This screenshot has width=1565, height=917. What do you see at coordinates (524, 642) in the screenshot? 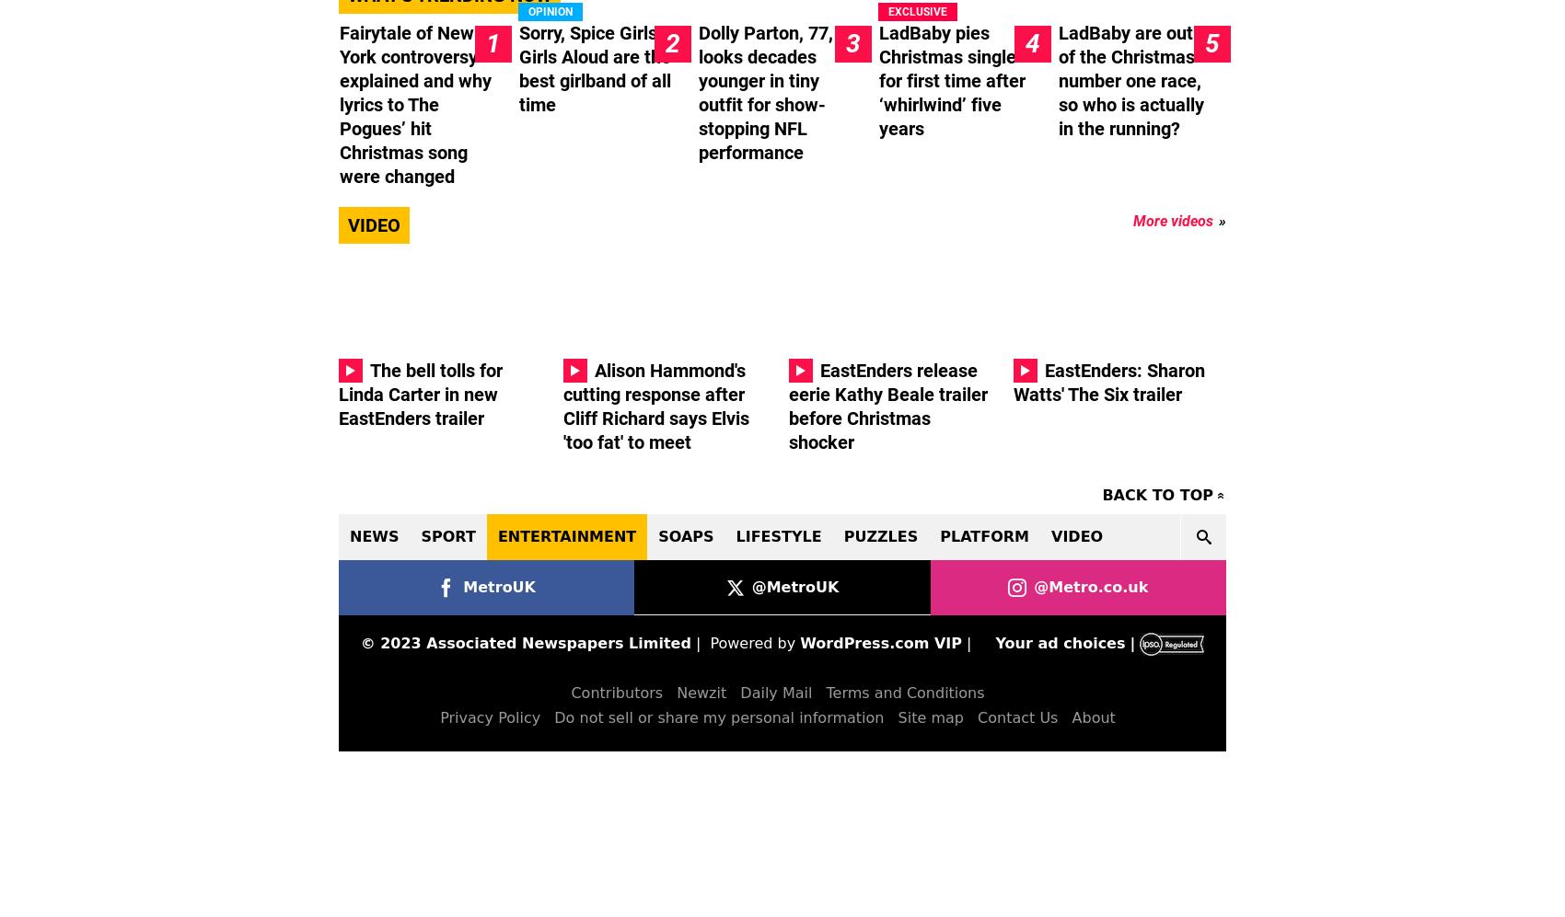
I see `'© 2023 Associated Newspapers Limited'` at bounding box center [524, 642].